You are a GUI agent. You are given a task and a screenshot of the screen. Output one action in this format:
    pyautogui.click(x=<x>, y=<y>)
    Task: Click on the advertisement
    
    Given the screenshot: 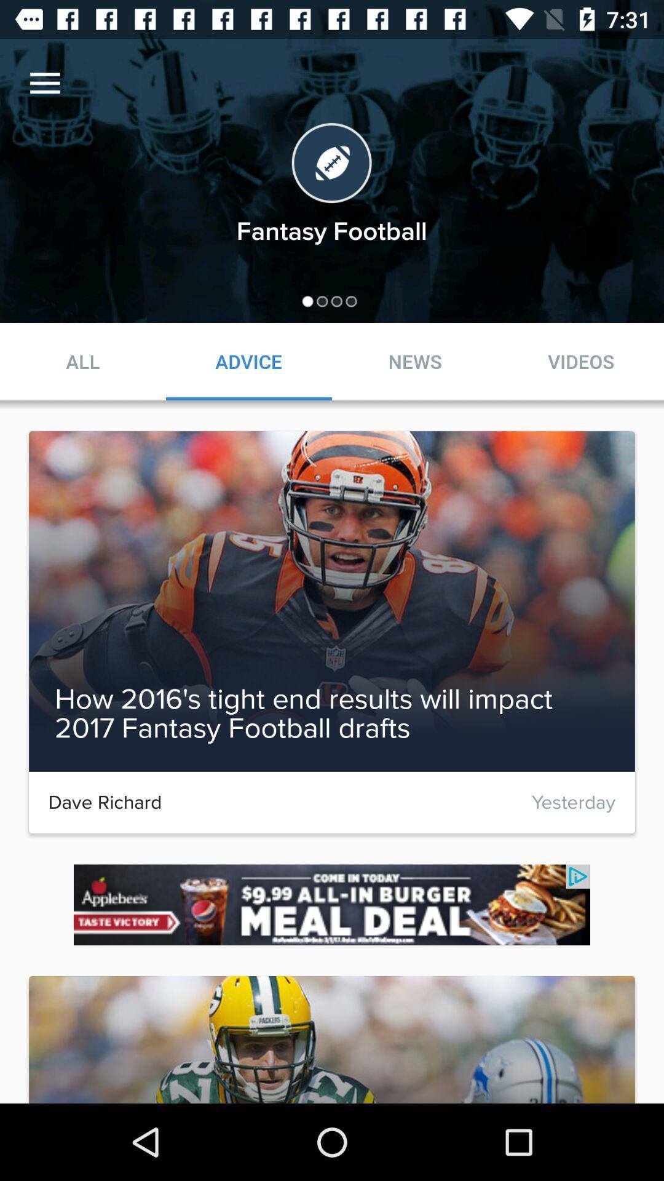 What is the action you would take?
    pyautogui.click(x=332, y=905)
    